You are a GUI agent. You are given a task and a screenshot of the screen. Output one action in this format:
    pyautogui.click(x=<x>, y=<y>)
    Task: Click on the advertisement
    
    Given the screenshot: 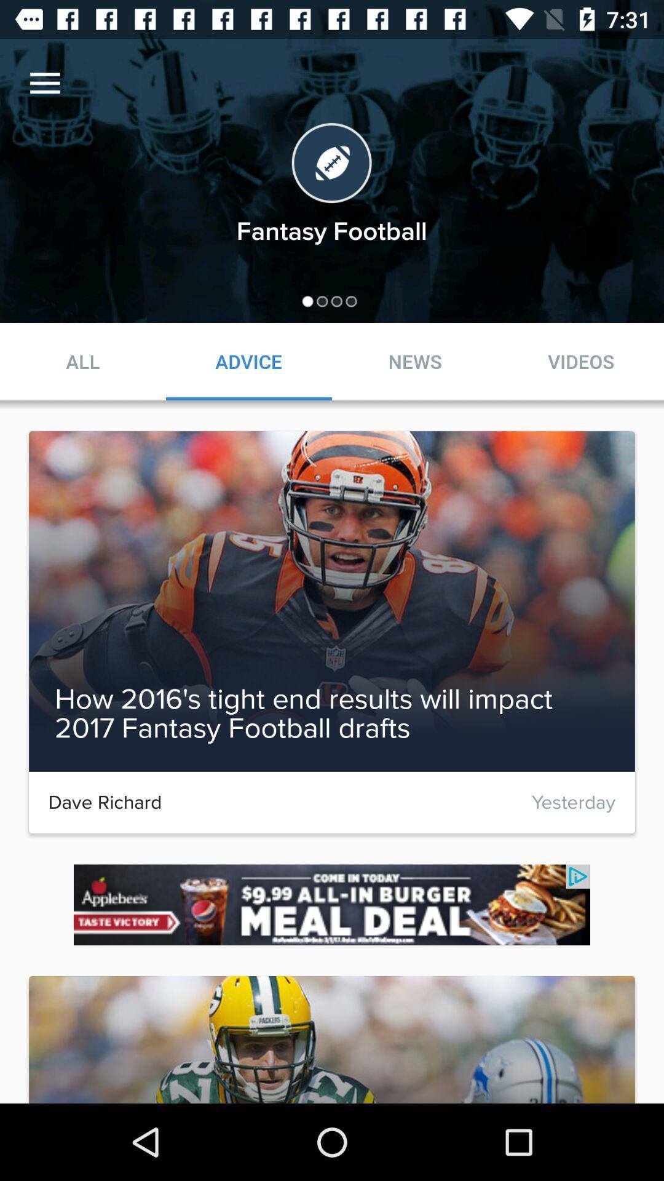 What is the action you would take?
    pyautogui.click(x=332, y=905)
    